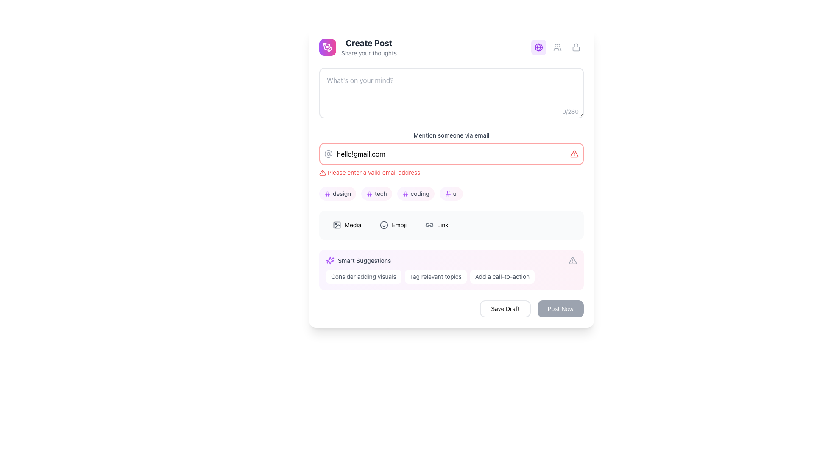  What do you see at coordinates (451, 172) in the screenshot?
I see `the warning message styled in small red text with a triangular alert icon, located directly below the email input field` at bounding box center [451, 172].